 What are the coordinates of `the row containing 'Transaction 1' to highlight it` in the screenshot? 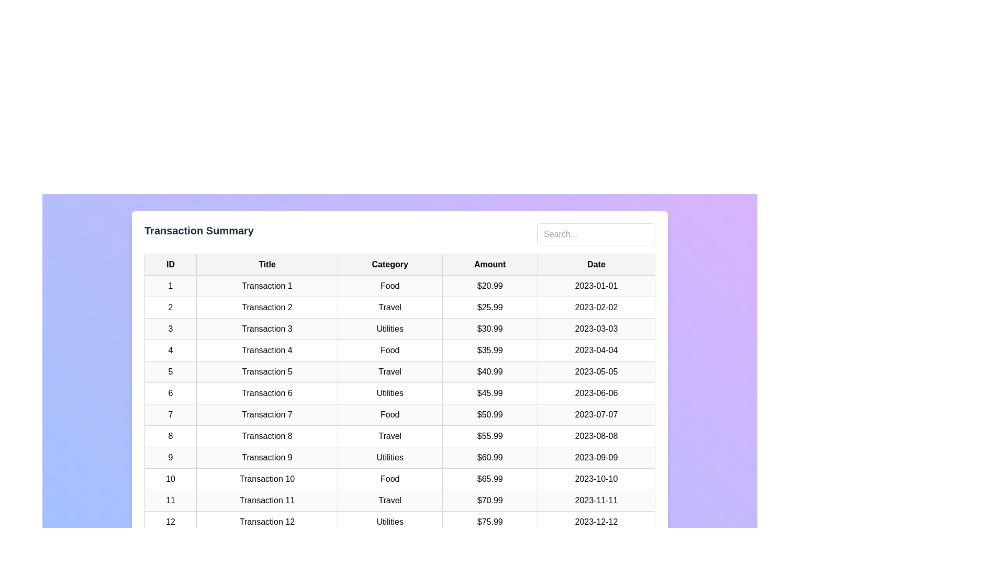 It's located at (399, 286).